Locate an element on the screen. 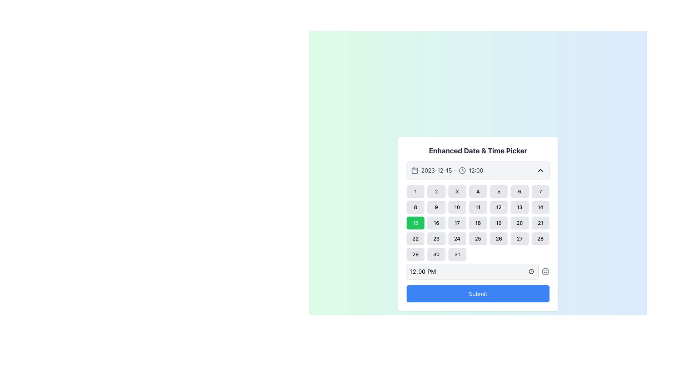  the square button displaying the number '5' is located at coordinates (498, 191).